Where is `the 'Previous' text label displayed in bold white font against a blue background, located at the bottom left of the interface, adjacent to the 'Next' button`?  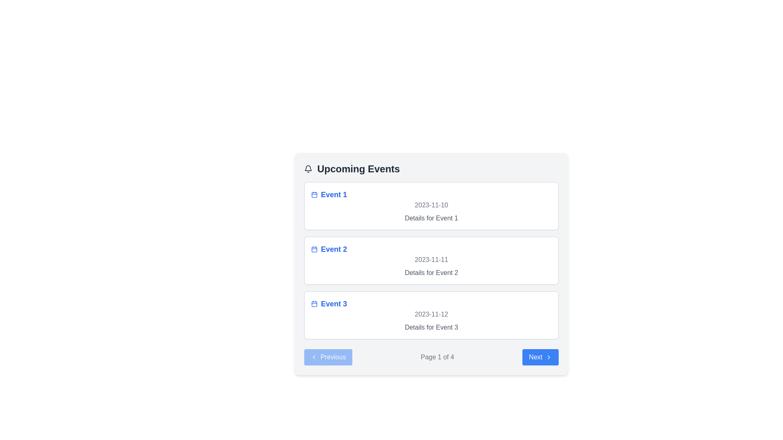 the 'Previous' text label displayed in bold white font against a blue background, located at the bottom left of the interface, adjacent to the 'Next' button is located at coordinates (333, 356).